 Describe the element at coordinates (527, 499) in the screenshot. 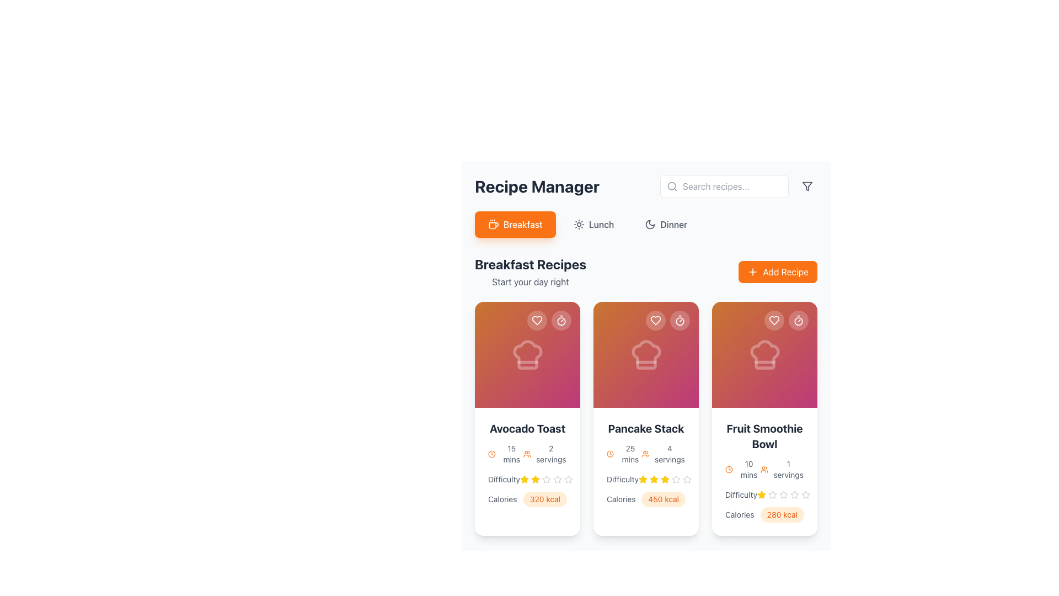

I see `text label displaying 'Calories 320 kcal' with a gray style and an orange background, located at the bottom of the 'Avocado Toast' card among breakfast recipes` at that location.